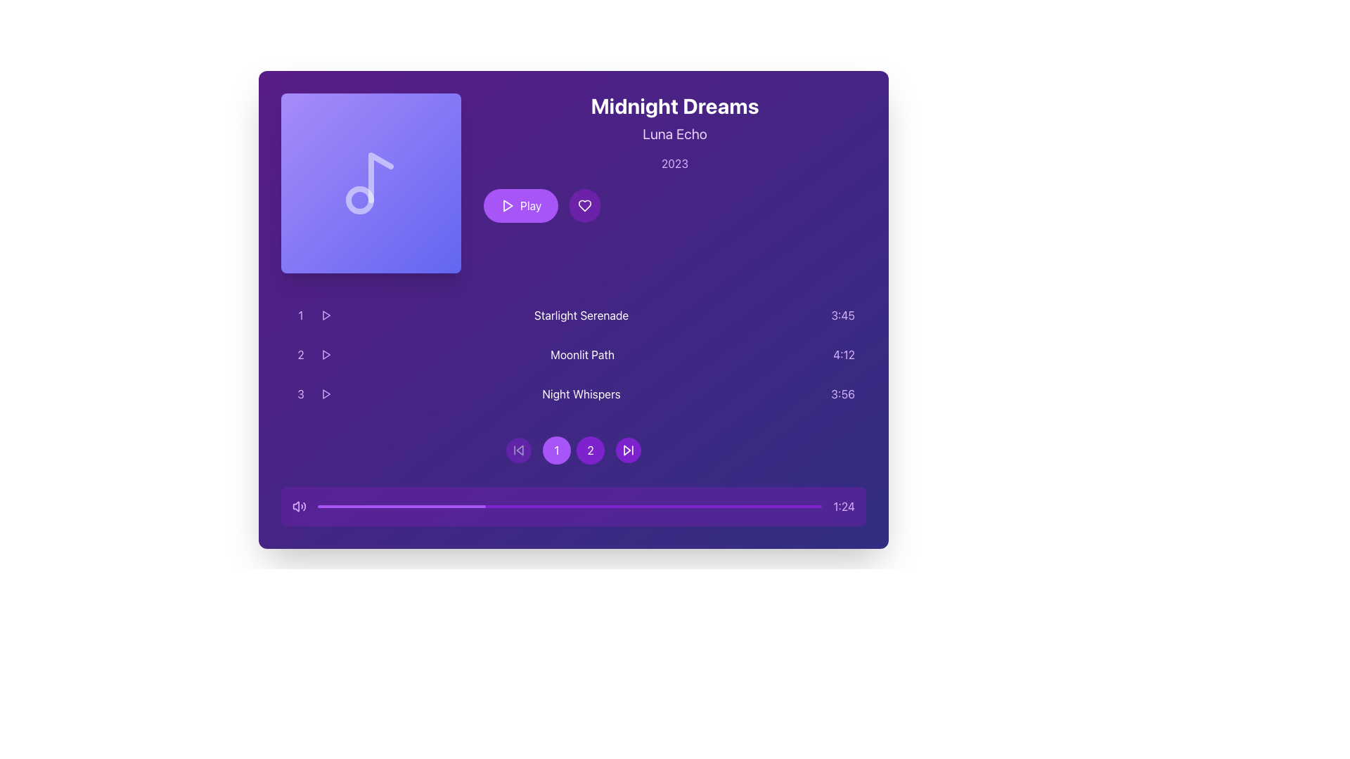 The width and height of the screenshot is (1350, 759). Describe the element at coordinates (295, 507) in the screenshot. I see `the volume mute icon button, which is styled in purple and located to the far left of the horizontal volume control bar, to mute or unmute audio` at that location.